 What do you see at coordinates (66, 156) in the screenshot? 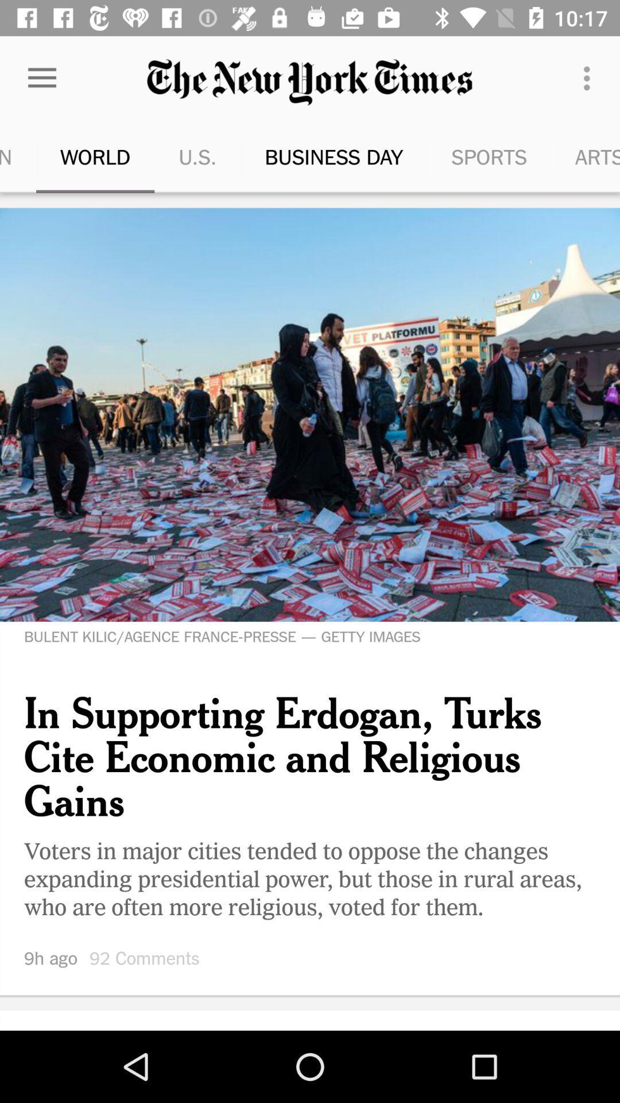
I see `the icon to the right of the opinion item` at bounding box center [66, 156].